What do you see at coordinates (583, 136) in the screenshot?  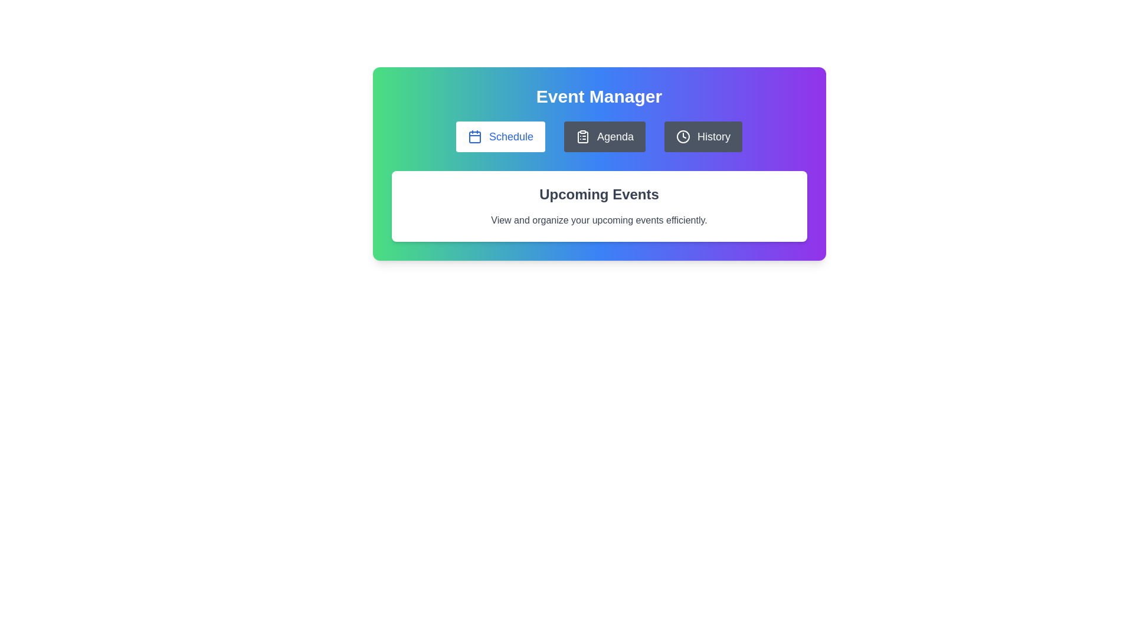 I see `the appearance of the 'Agenda' icon located on the middle navigation button, which visually represents agenda management tasks` at bounding box center [583, 136].